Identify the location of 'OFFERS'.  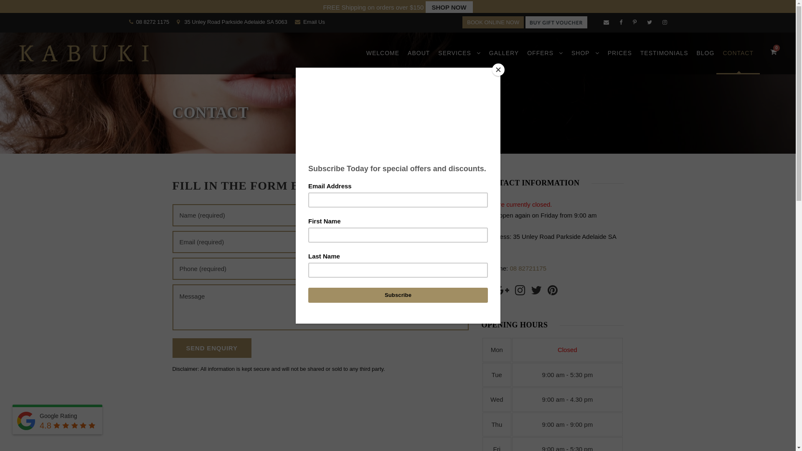
(545, 61).